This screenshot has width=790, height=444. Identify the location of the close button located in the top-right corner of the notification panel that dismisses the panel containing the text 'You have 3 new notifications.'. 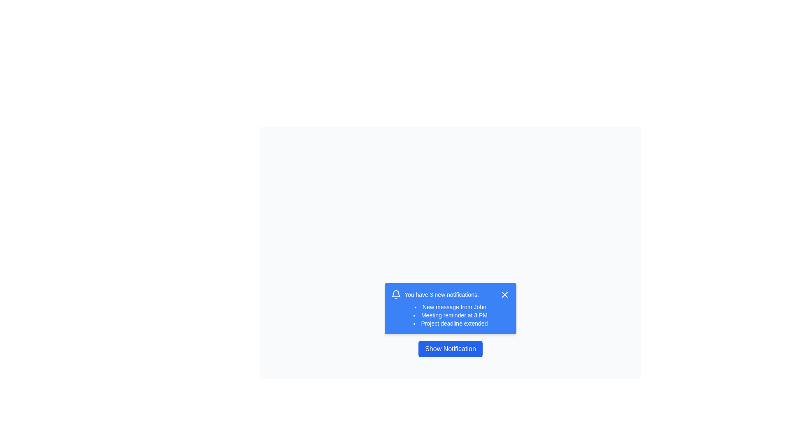
(504, 294).